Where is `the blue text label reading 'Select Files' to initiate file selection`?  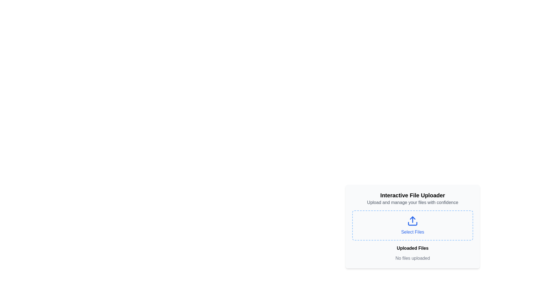
the blue text label reading 'Select Files' to initiate file selection is located at coordinates (412, 232).